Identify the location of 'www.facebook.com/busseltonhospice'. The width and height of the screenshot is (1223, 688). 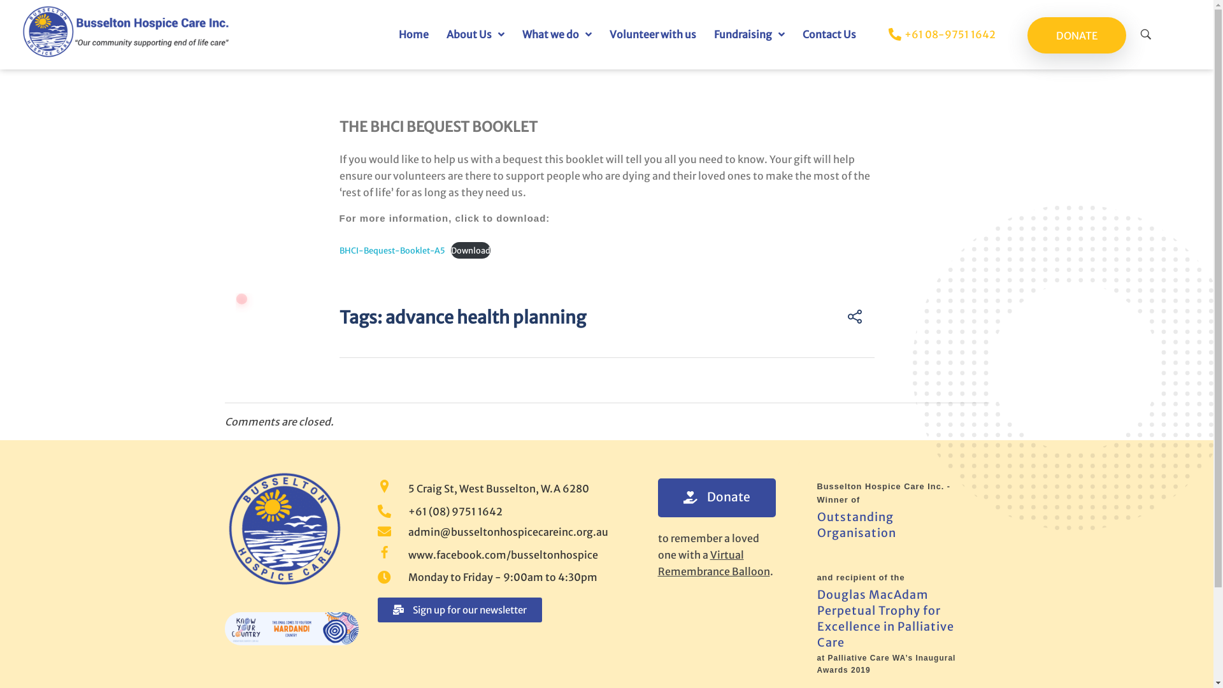
(501, 554).